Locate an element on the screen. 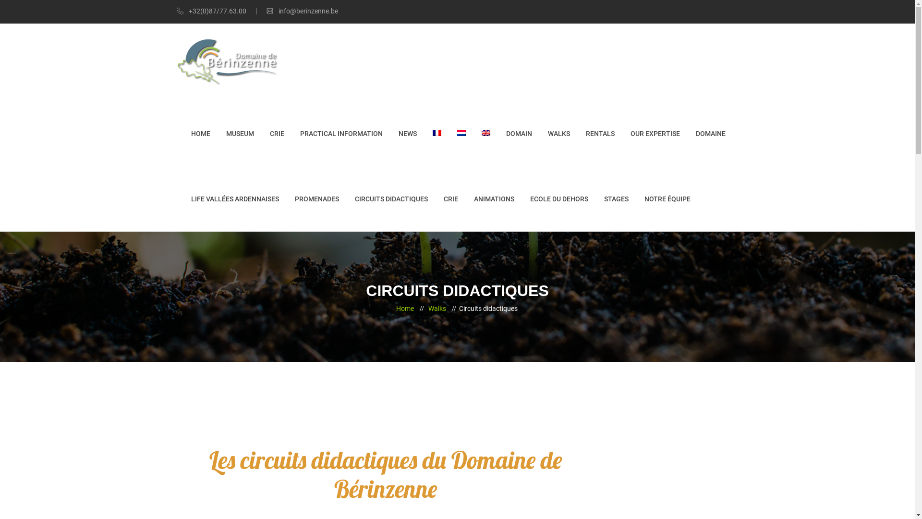  'Home' is located at coordinates (404, 309).